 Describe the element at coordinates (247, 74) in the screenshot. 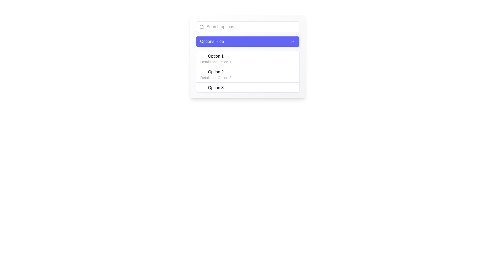

I see `the List item labeled 'Option 2'` at that location.